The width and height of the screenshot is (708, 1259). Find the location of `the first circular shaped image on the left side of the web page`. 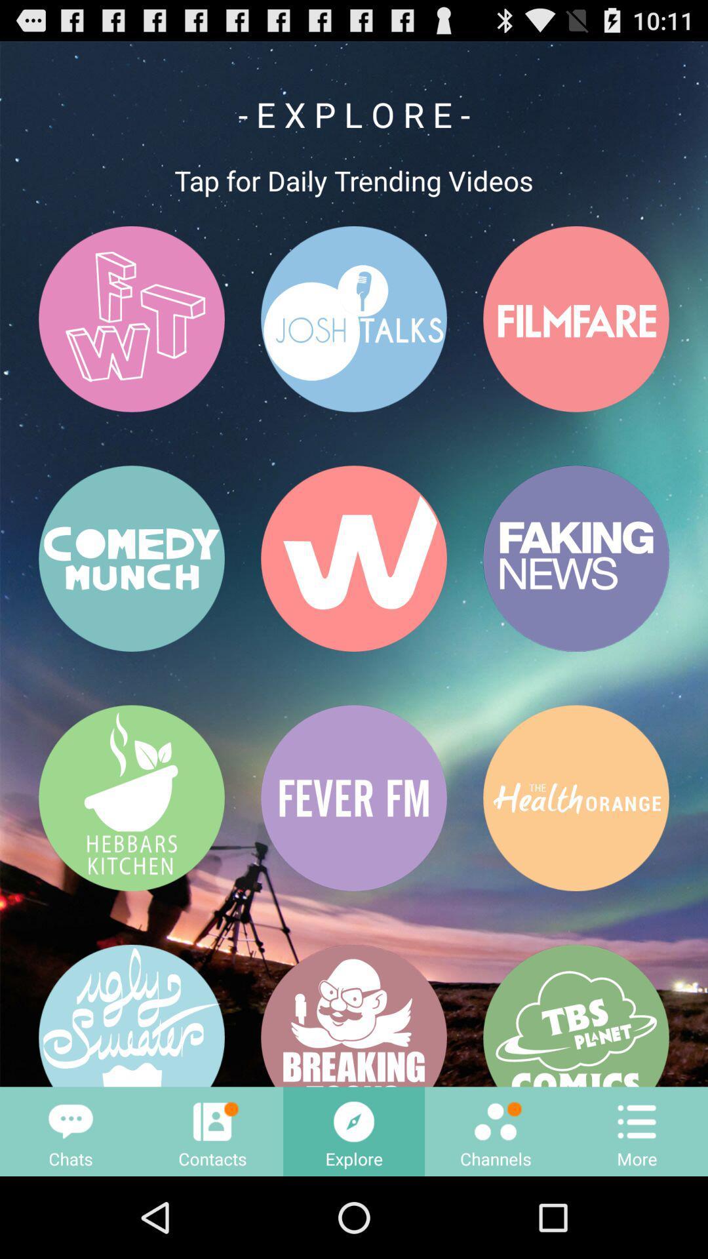

the first circular shaped image on the left side of the web page is located at coordinates (131, 319).